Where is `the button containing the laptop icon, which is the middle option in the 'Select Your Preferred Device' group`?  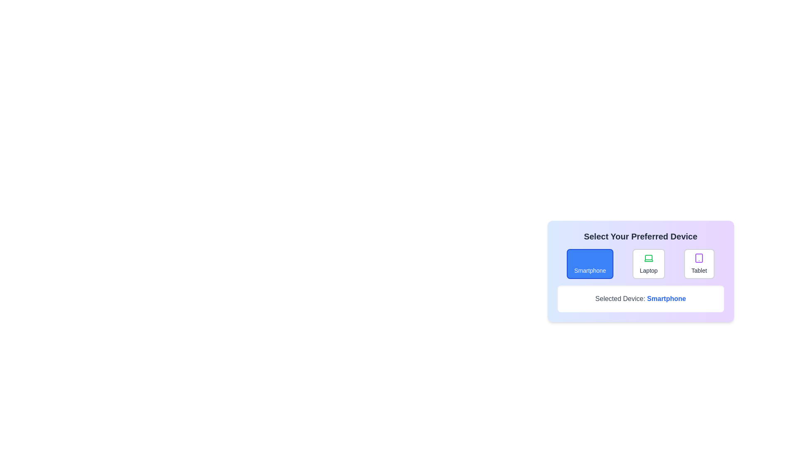 the button containing the laptop icon, which is the middle option in the 'Select Your Preferred Device' group is located at coordinates (648, 258).